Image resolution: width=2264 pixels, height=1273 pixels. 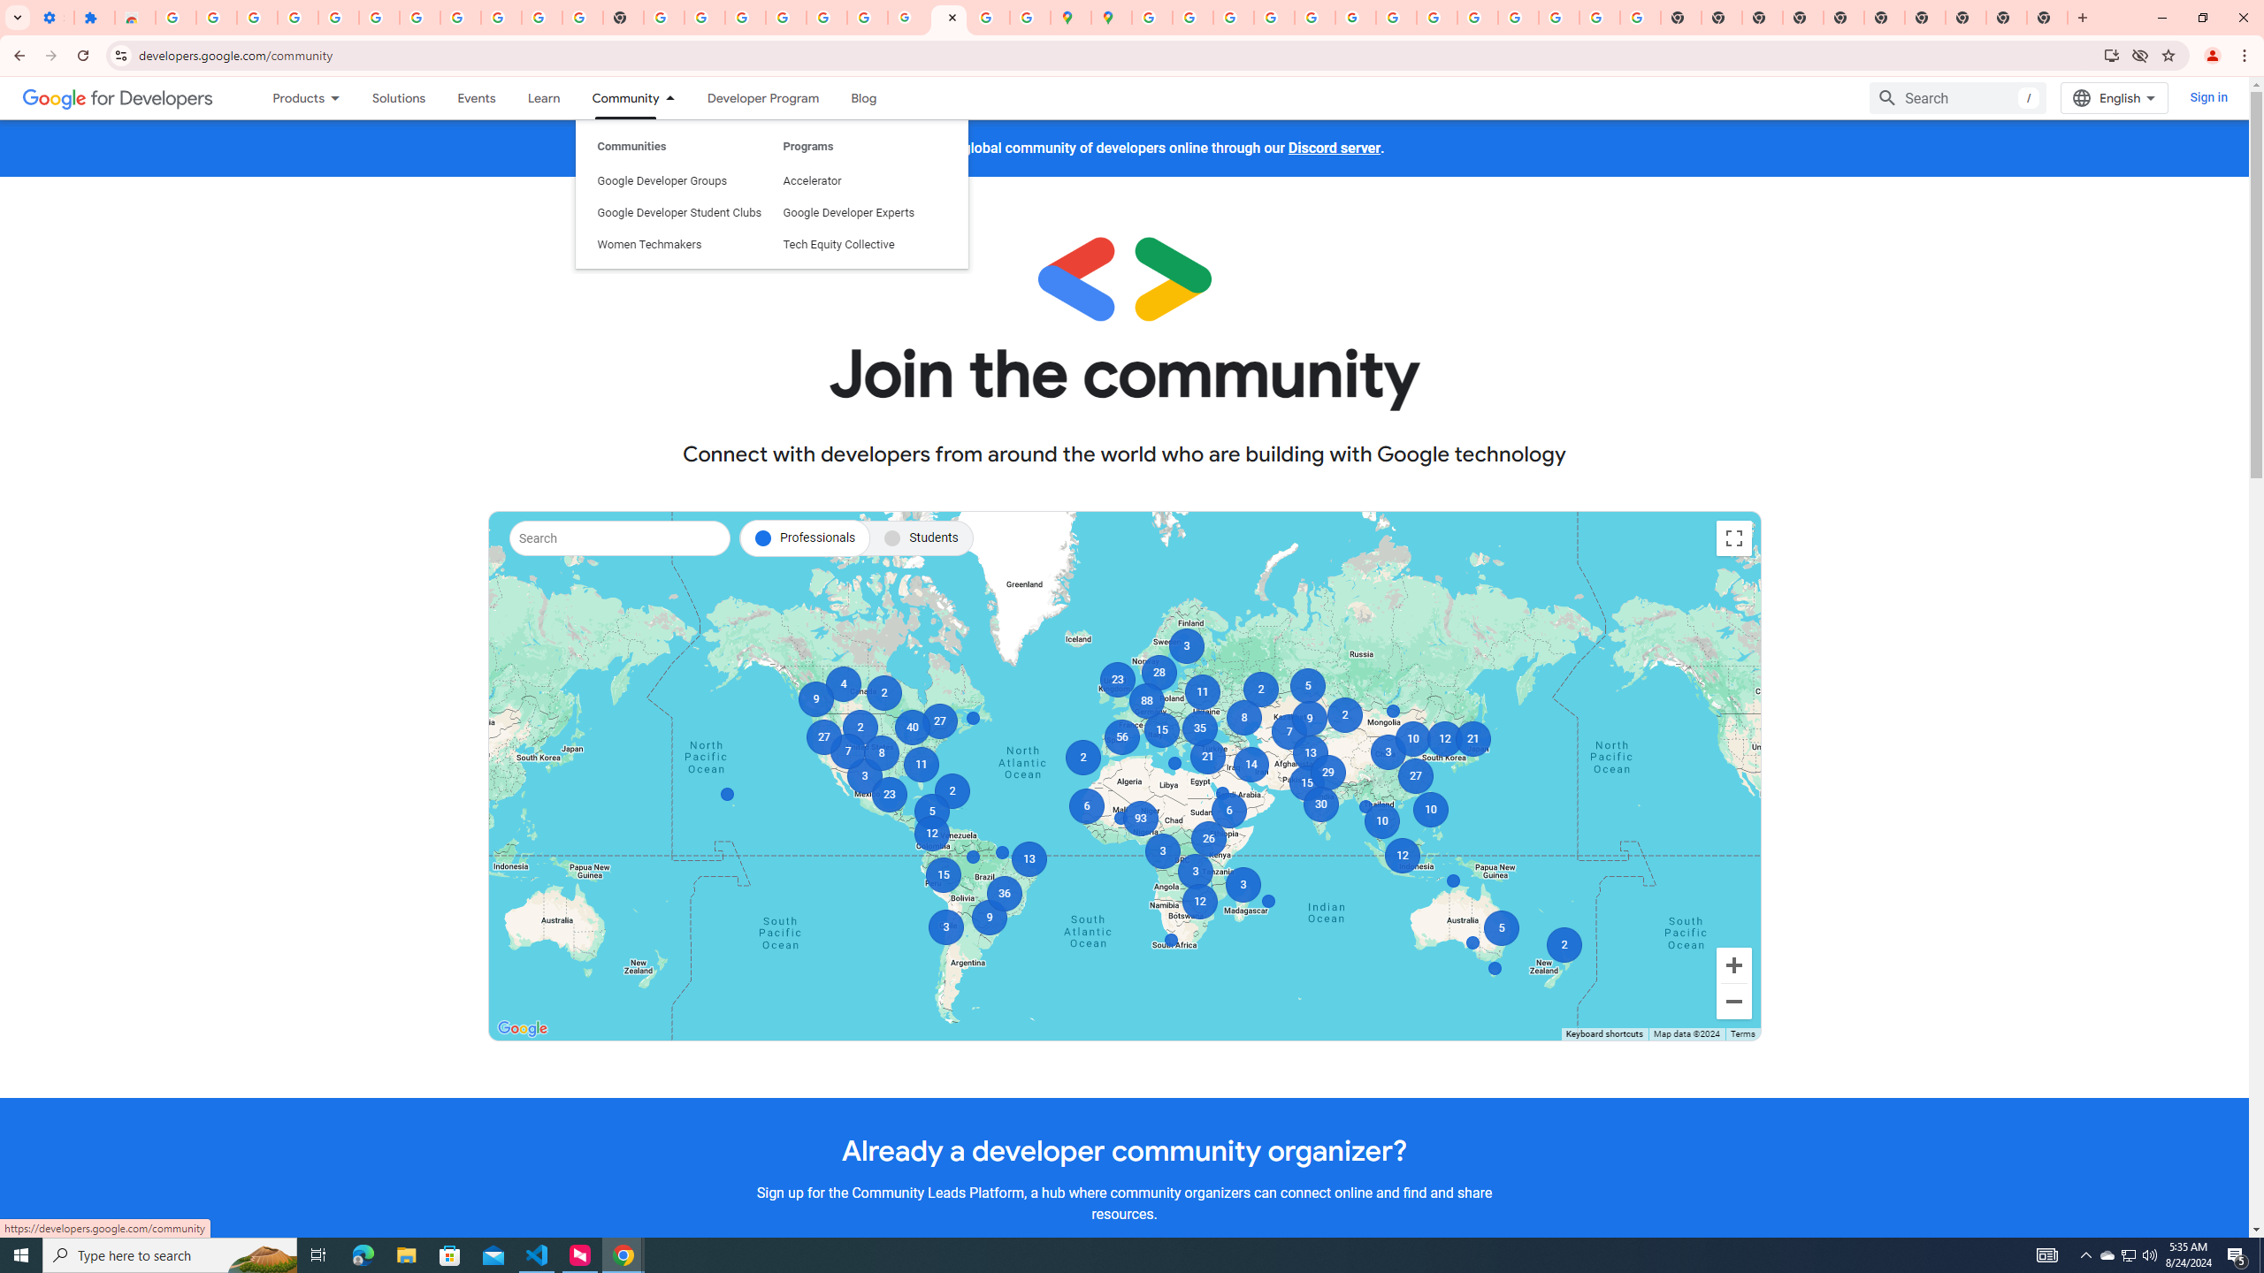 I want to click on 'Delete photos & videos - Computer - Google Photos Help', so click(x=296, y=17).